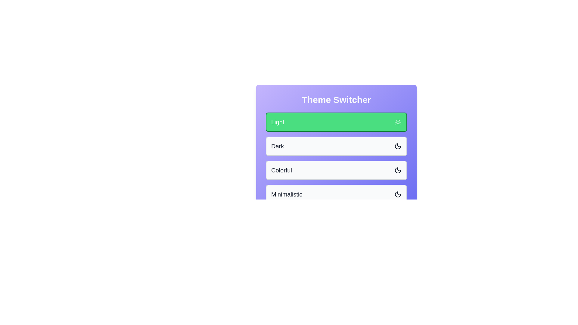 This screenshot has width=578, height=325. What do you see at coordinates (336, 194) in the screenshot?
I see `the theme option Minimalistic by clicking on it` at bounding box center [336, 194].